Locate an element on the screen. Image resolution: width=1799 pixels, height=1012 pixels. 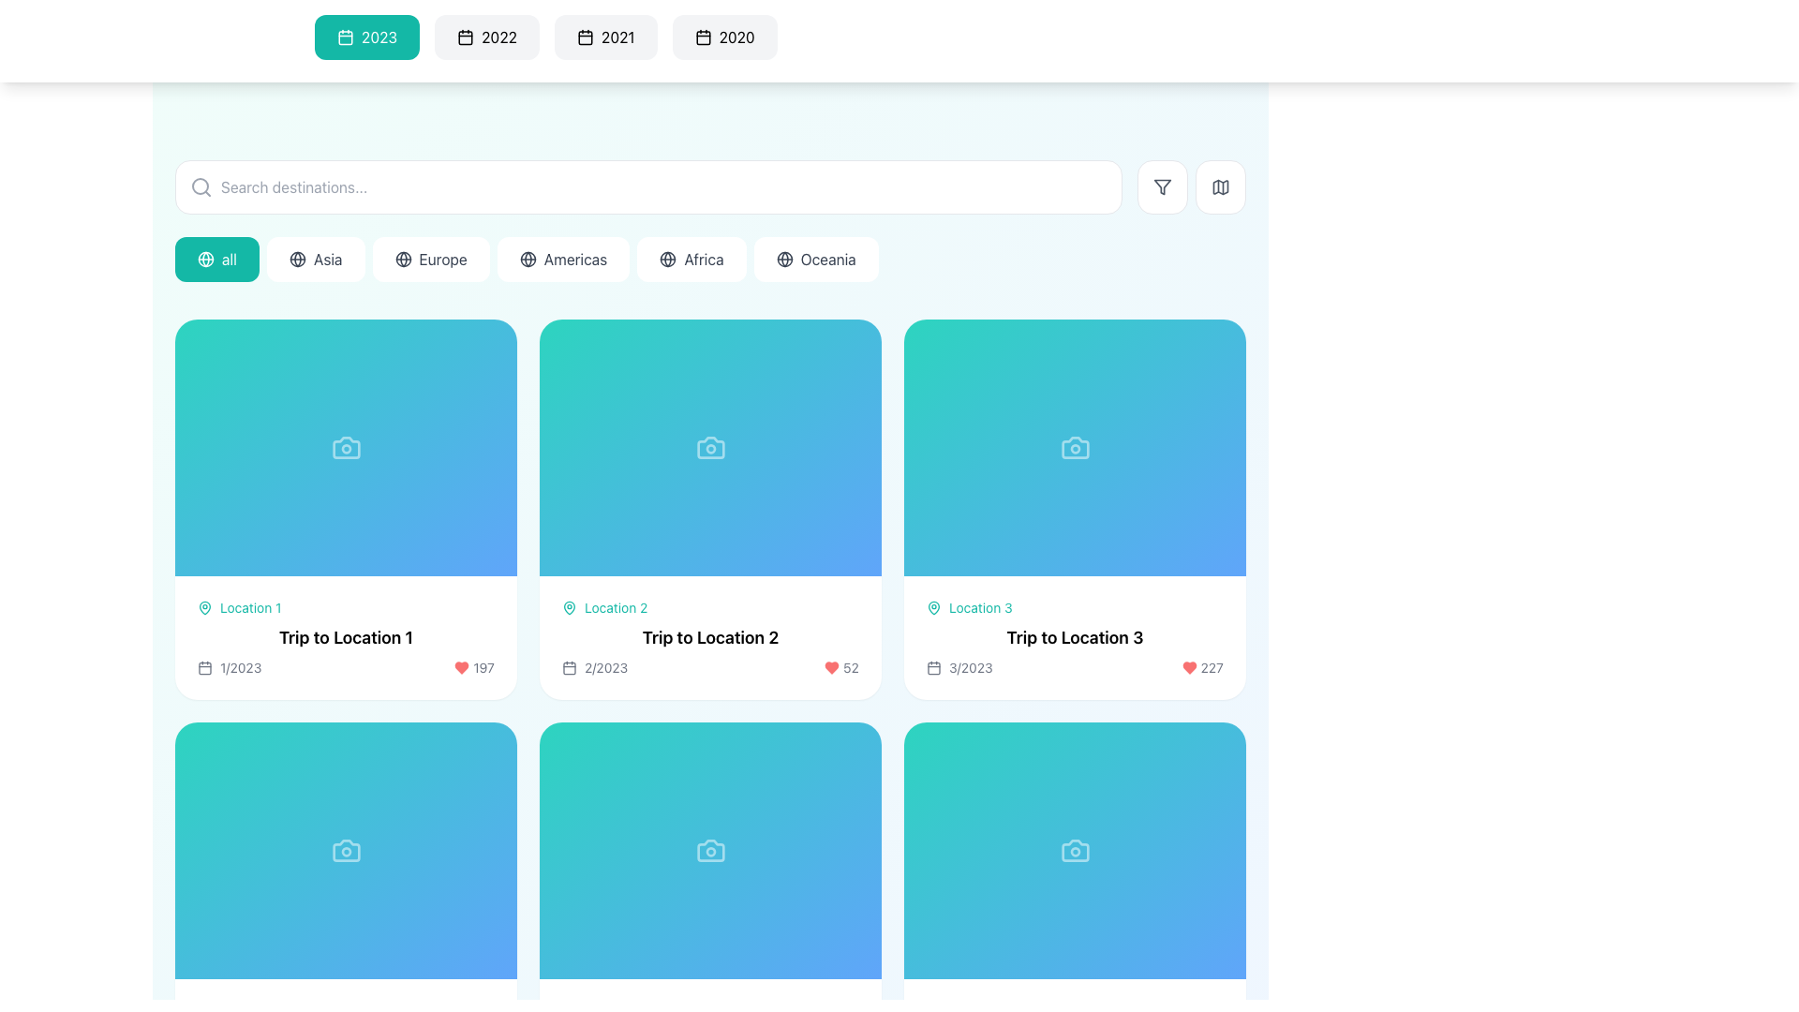
the circular outline of the globe icon is located at coordinates (402, 260).